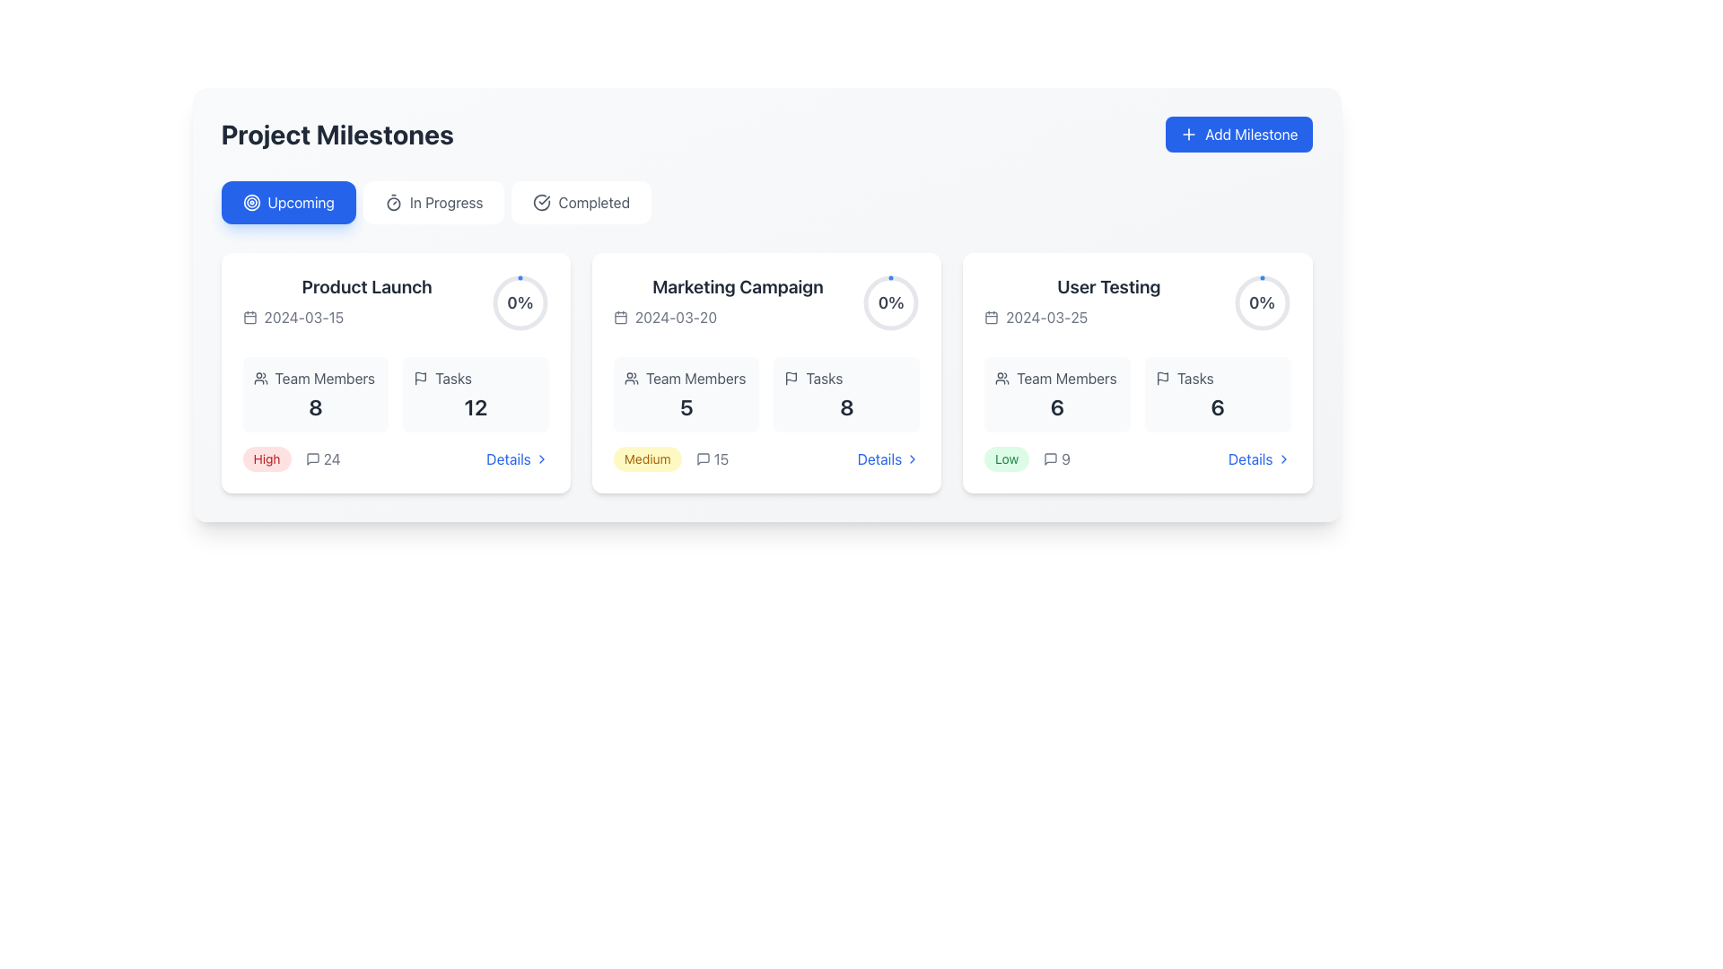 Image resolution: width=1723 pixels, height=969 pixels. Describe the element at coordinates (686, 393) in the screenshot. I see `the 'Team Members' text with icon, which displays the number '5' and is located in the second card under 'Marketing Campaign'` at that location.